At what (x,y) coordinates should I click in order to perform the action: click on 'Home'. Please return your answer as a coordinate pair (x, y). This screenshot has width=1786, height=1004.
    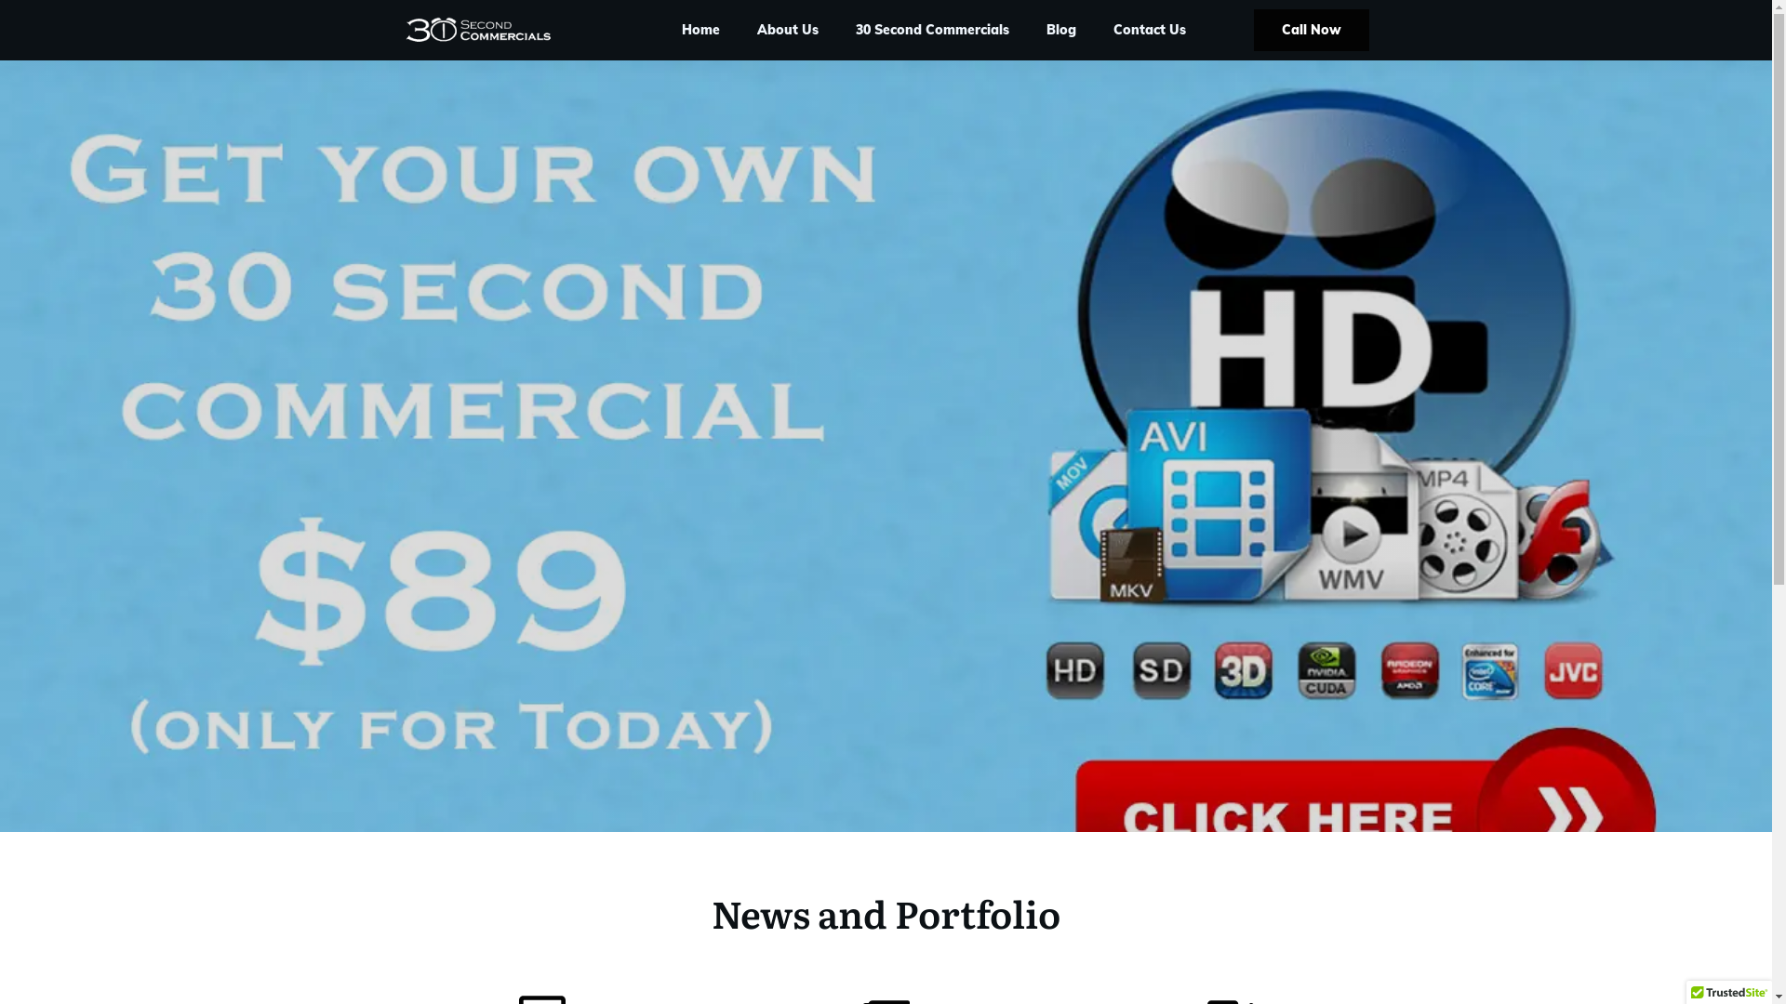
    Looking at the image, I should click on (700, 29).